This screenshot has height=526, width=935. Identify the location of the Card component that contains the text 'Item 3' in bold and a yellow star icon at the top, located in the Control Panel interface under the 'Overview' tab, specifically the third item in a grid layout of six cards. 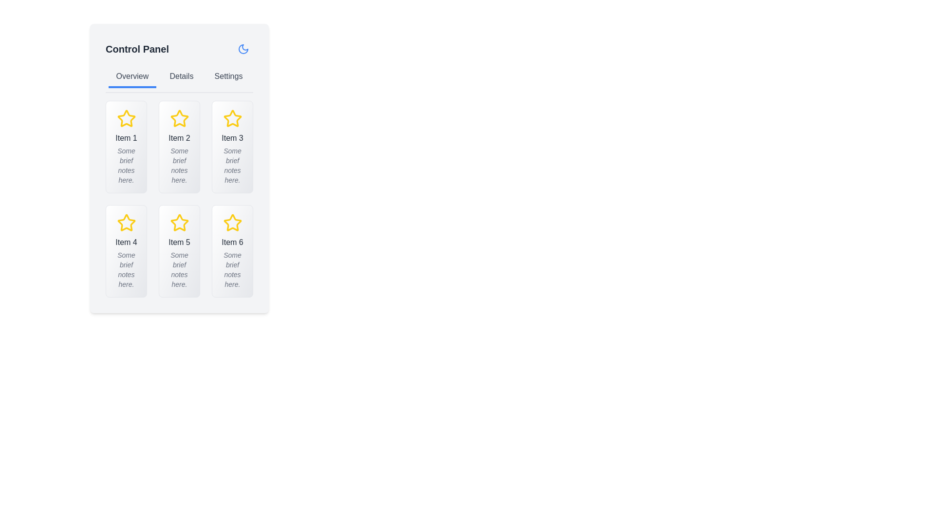
(232, 147).